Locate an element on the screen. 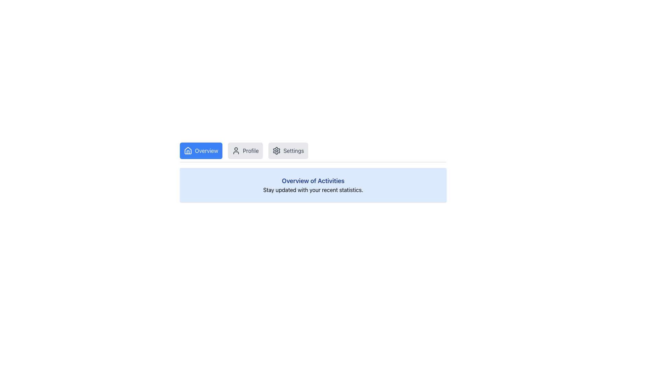 Image resolution: width=659 pixels, height=371 pixels. the text label that indicates the settings section of the application, located within the third button of a horizontal navigation bar, adjacent to a gear icon is located at coordinates (293, 150).